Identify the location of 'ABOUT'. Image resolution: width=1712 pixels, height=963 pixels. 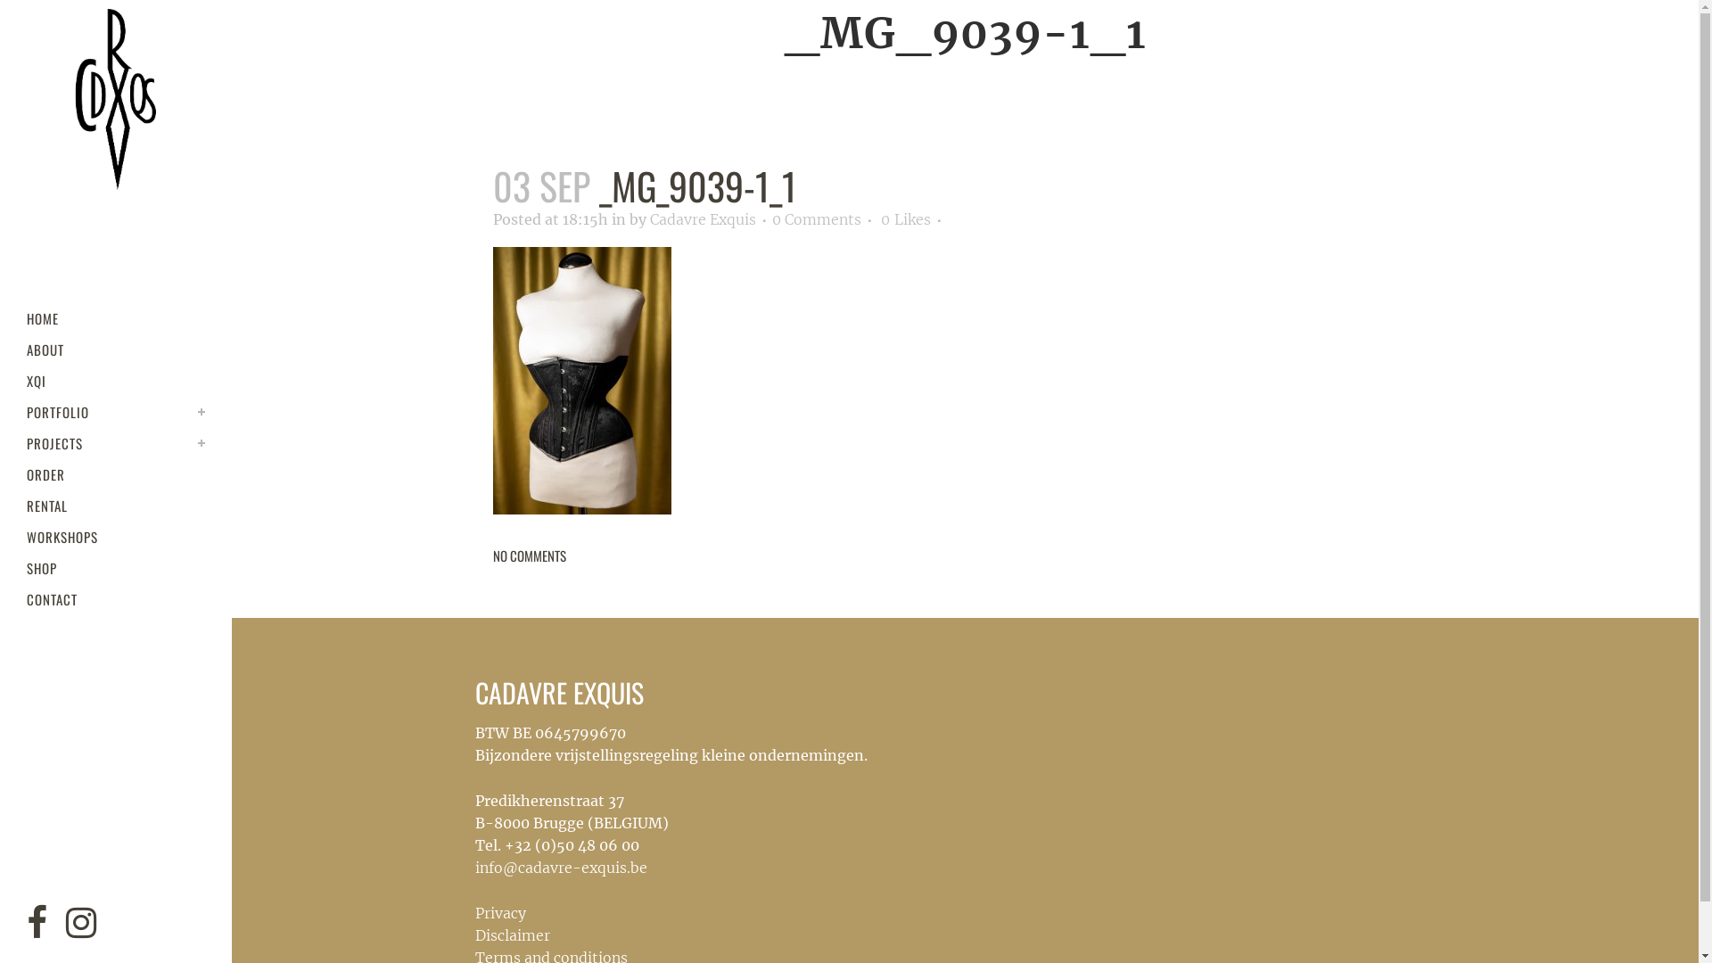
(26, 350).